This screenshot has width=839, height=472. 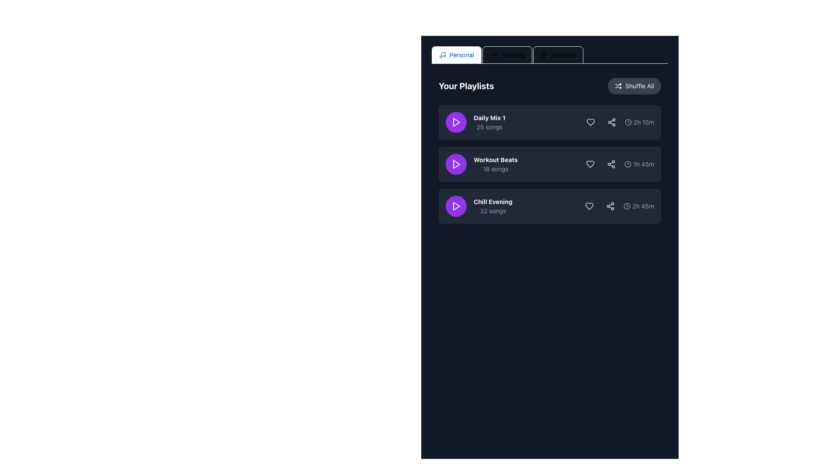 What do you see at coordinates (618, 164) in the screenshot?
I see `total duration displayed by the text element located at the right end of the 'Workout Beats' playlist row, after the share icon` at bounding box center [618, 164].